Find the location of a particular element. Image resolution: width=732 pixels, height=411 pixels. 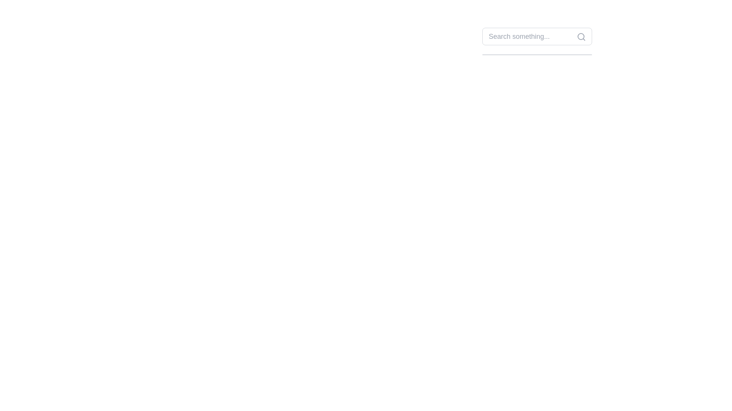

the search input field located within the upper-right section of the interface, which contains the placeholder text 'Search something...' and a magnifying glass icon, to focus on it is located at coordinates (537, 41).